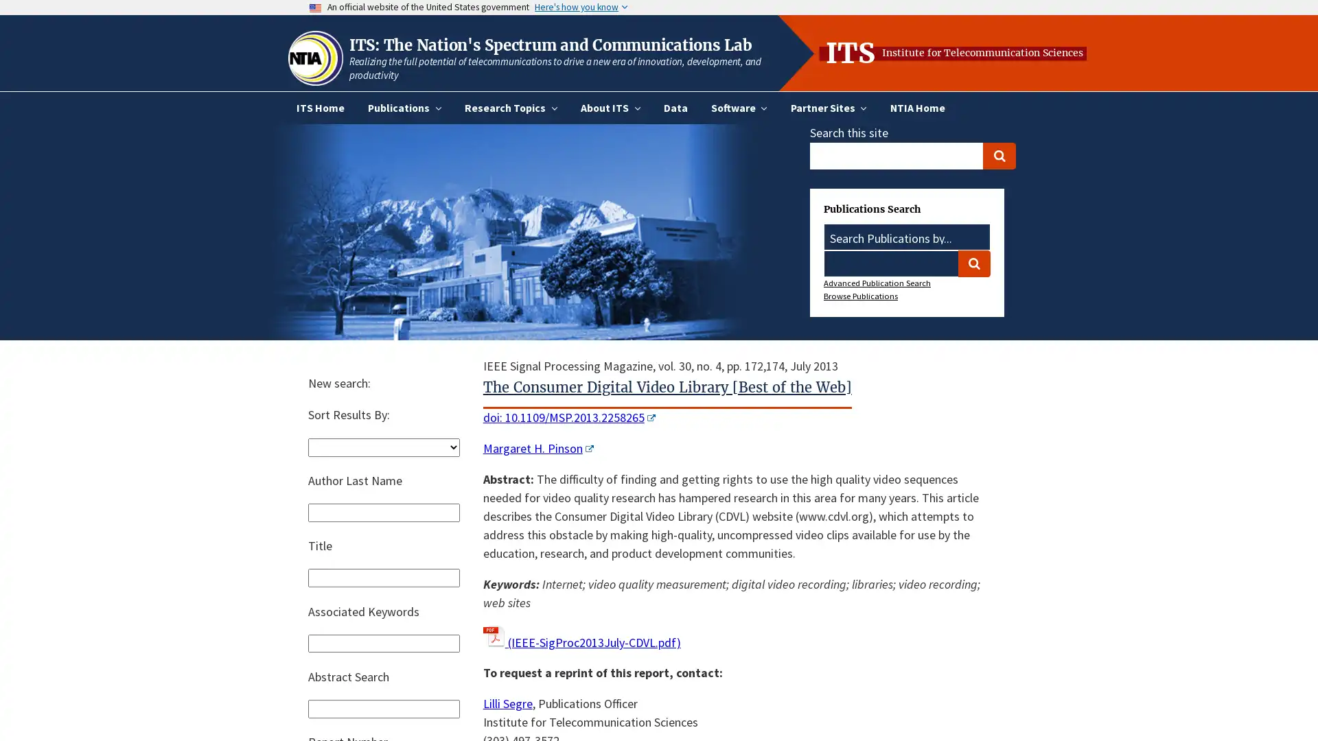 The image size is (1318, 741). I want to click on Partner Sites, so click(827, 107).